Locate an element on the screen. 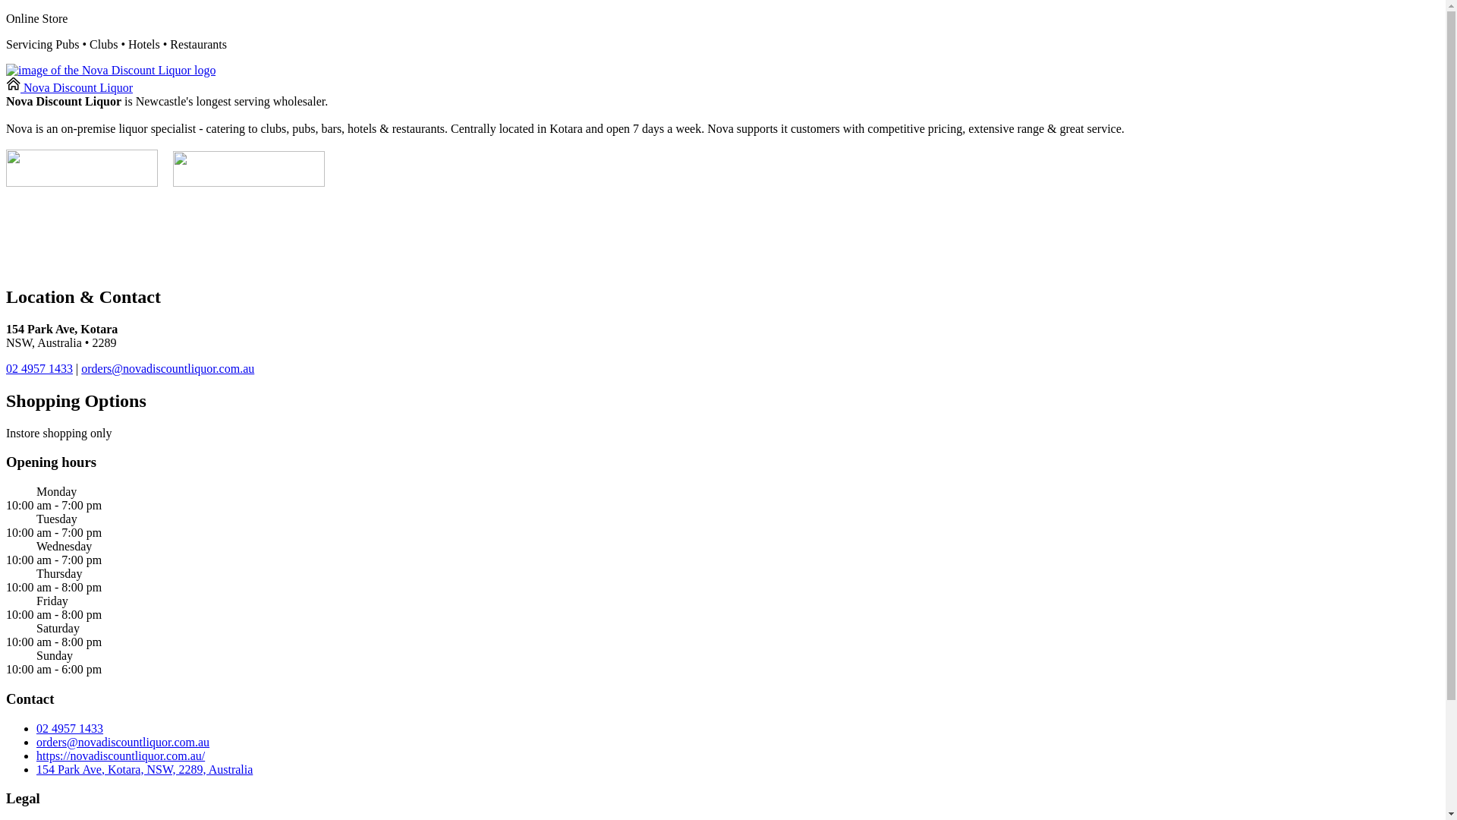  'orders@novadiscountliquor.com.au' is located at coordinates (167, 368).